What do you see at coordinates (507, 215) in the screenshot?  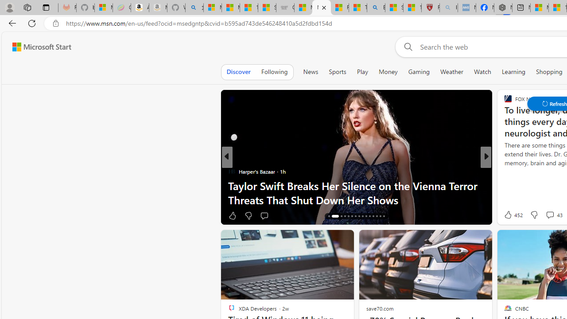 I see `'6 Like'` at bounding box center [507, 215].